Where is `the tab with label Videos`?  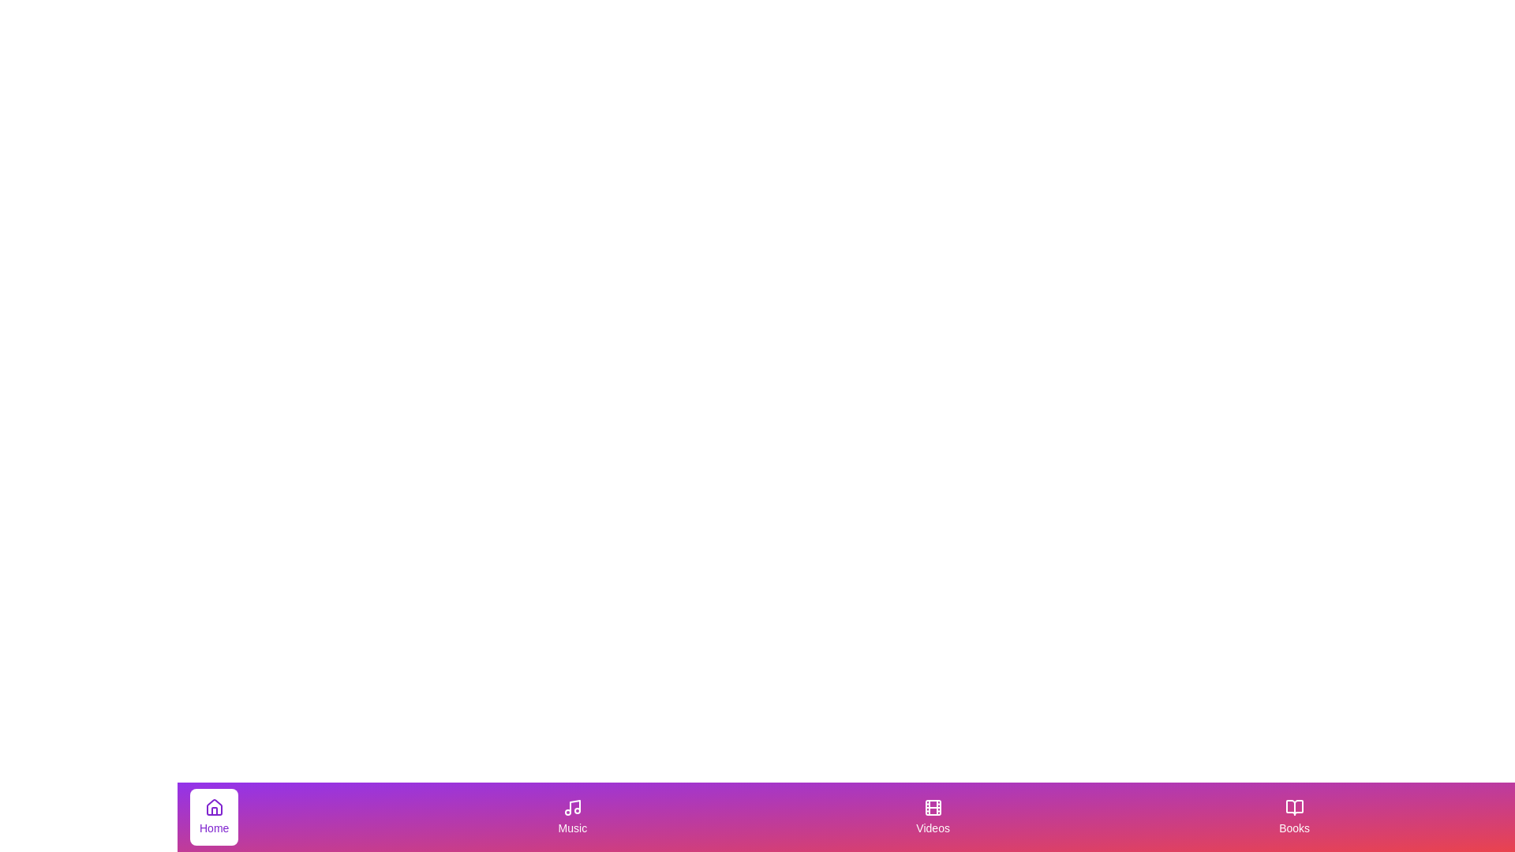
the tab with label Videos is located at coordinates (933, 816).